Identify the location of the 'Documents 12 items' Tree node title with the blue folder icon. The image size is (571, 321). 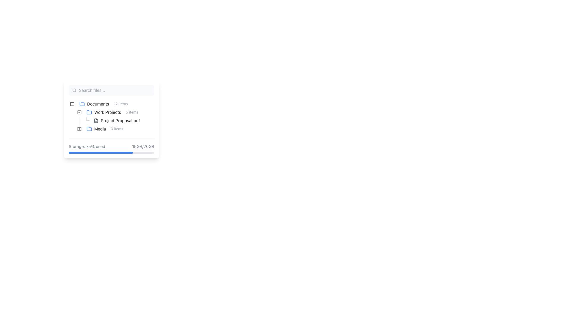
(103, 104).